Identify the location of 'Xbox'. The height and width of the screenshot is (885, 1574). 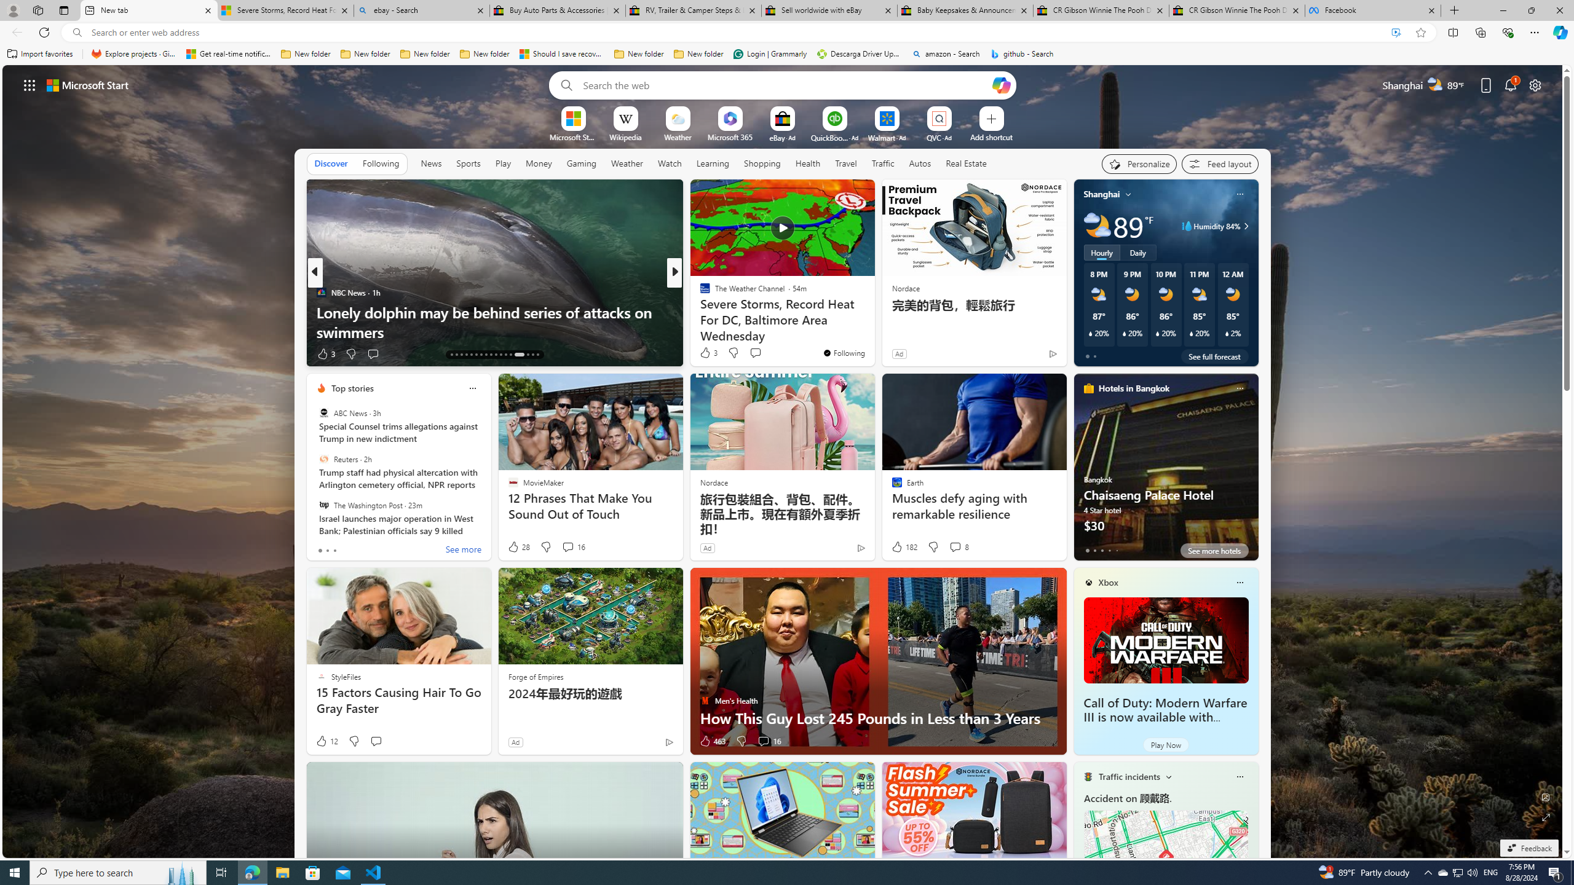
(1108, 582).